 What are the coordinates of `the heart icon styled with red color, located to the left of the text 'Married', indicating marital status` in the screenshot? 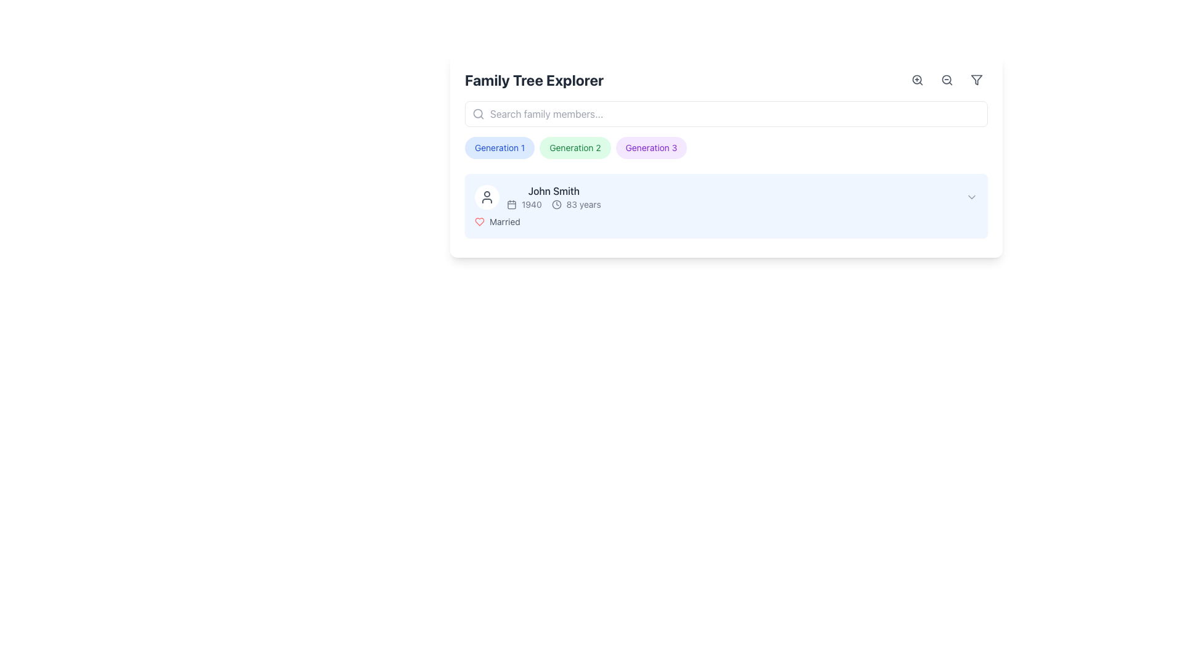 It's located at (479, 221).